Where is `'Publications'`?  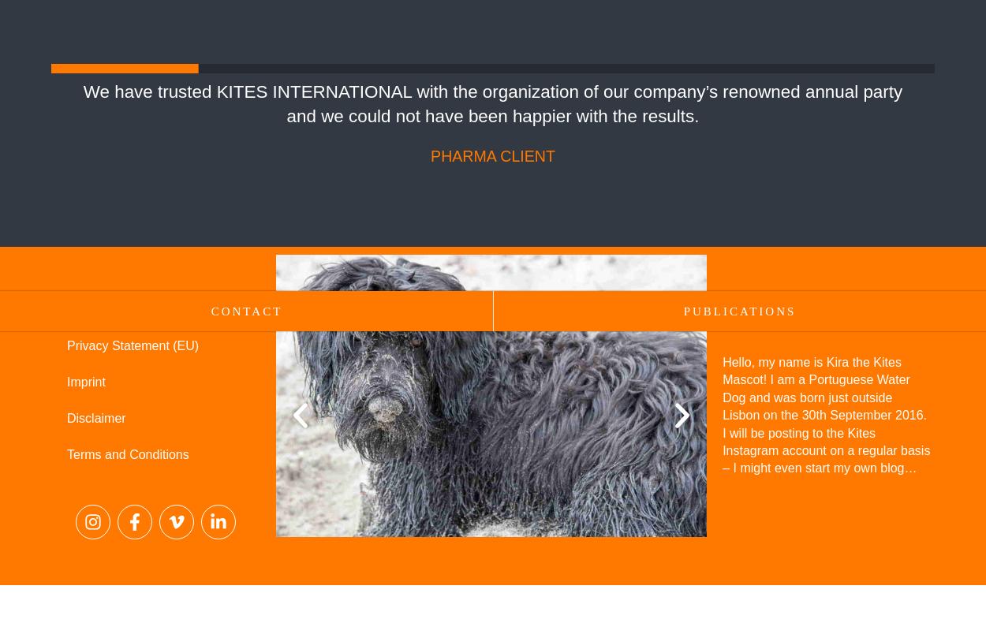
'Publications' is located at coordinates (739, 311).